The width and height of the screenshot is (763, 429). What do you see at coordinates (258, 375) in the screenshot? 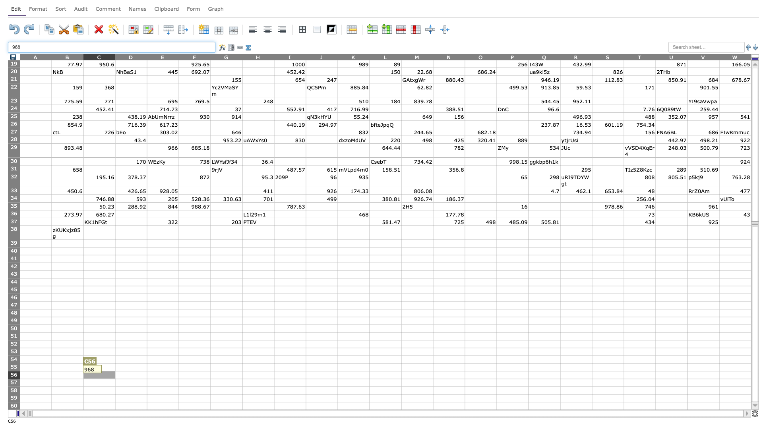
I see `H56` at bounding box center [258, 375].